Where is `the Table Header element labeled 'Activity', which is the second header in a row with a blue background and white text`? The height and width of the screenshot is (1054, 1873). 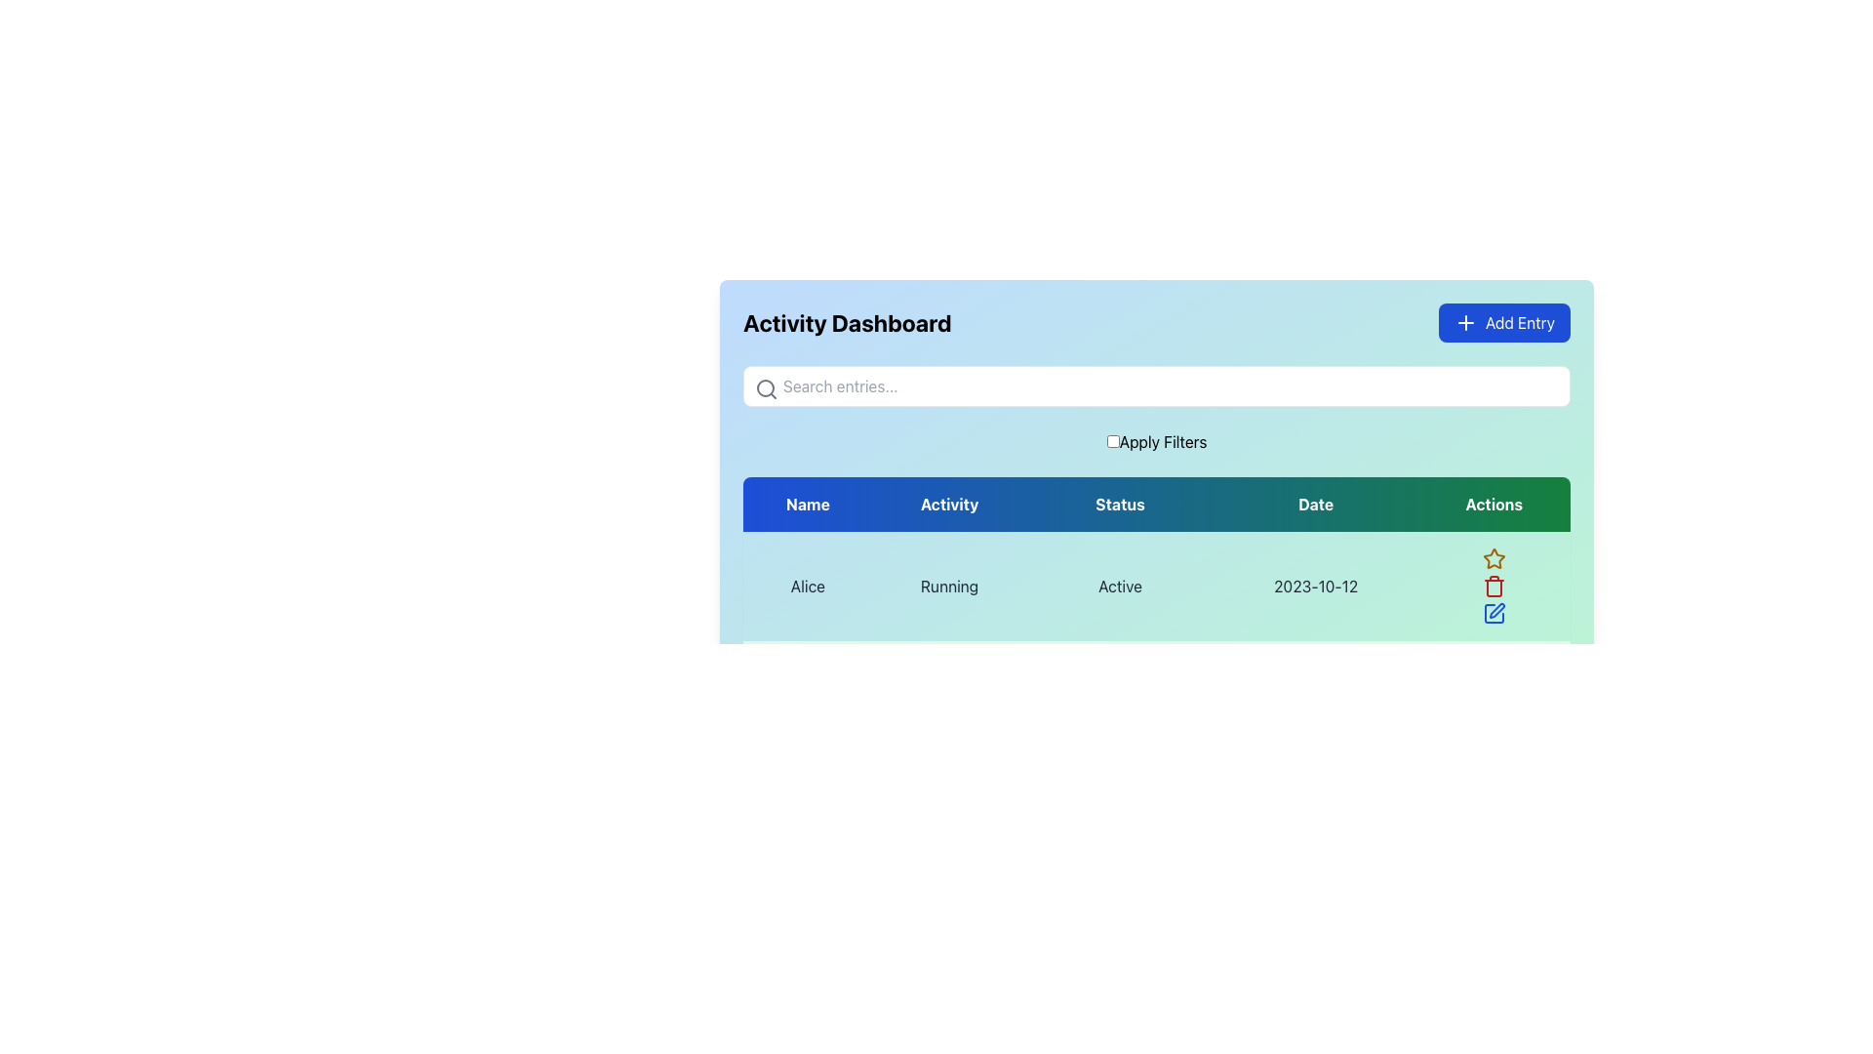 the Table Header element labeled 'Activity', which is the second header in a row with a blue background and white text is located at coordinates (949, 503).